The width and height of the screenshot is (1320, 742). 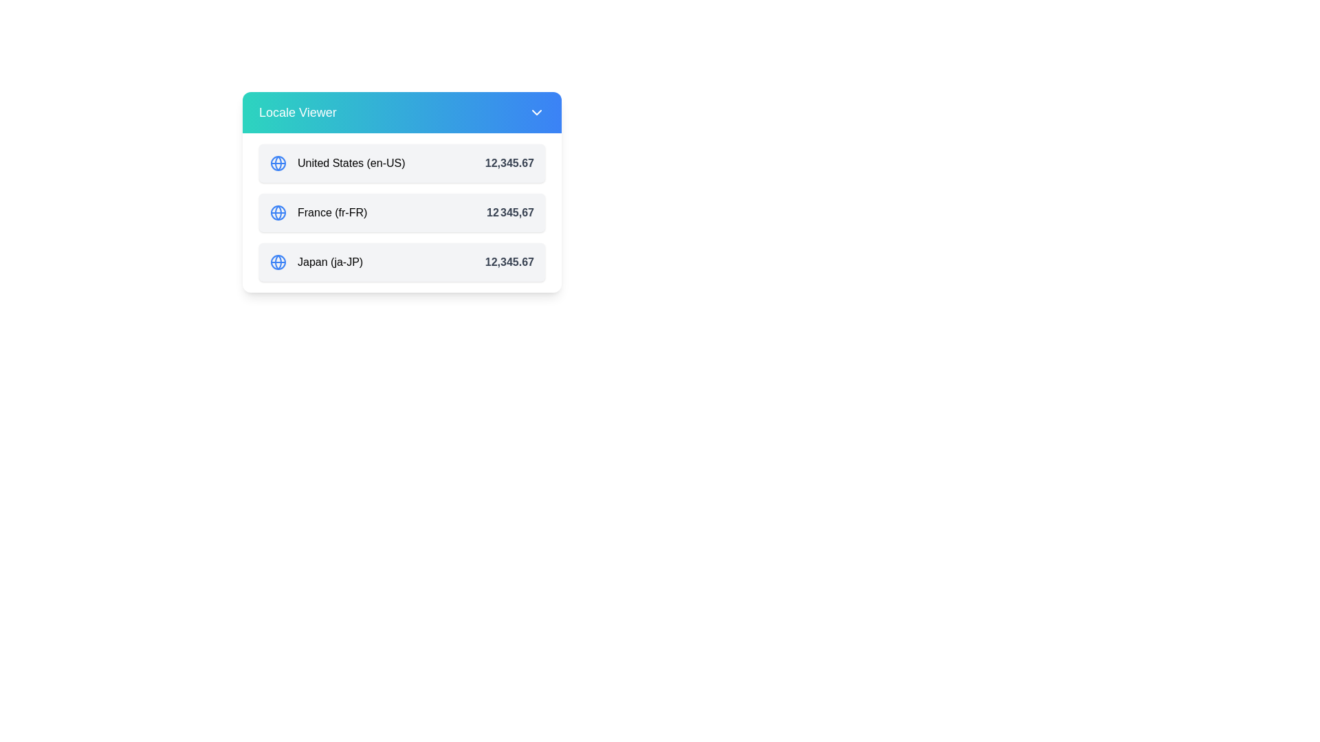 What do you see at coordinates (318, 212) in the screenshot?
I see `the label displaying 'France (fr-FR)', which is located in the middle row of a vertically stacked list, to the right of a blue globe icon and above the numerical value '12 345,67'` at bounding box center [318, 212].